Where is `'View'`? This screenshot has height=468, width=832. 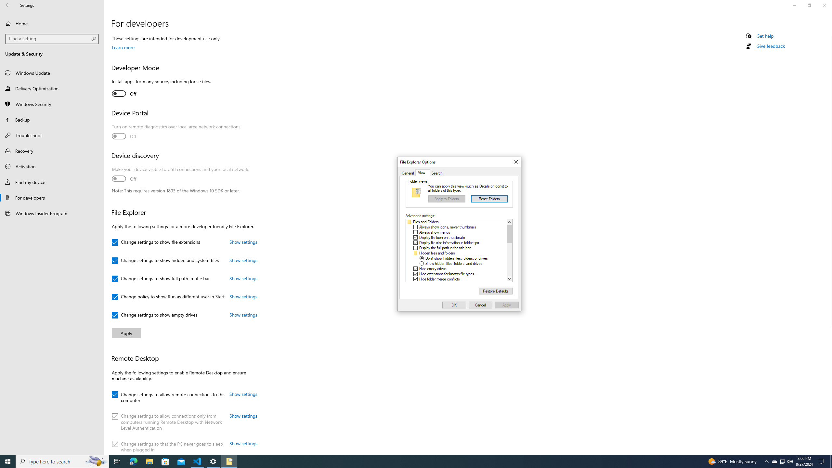
'View' is located at coordinates (422, 173).